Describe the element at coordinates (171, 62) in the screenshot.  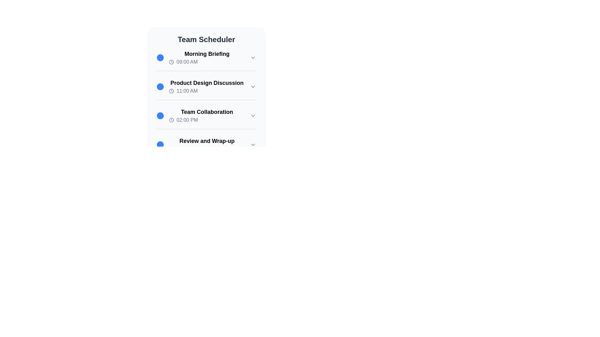
I see `the circular outline of the clock icon located near the '09:00 AM' text in the 'Morning Briefing' entry of the Team Scheduler interface` at that location.